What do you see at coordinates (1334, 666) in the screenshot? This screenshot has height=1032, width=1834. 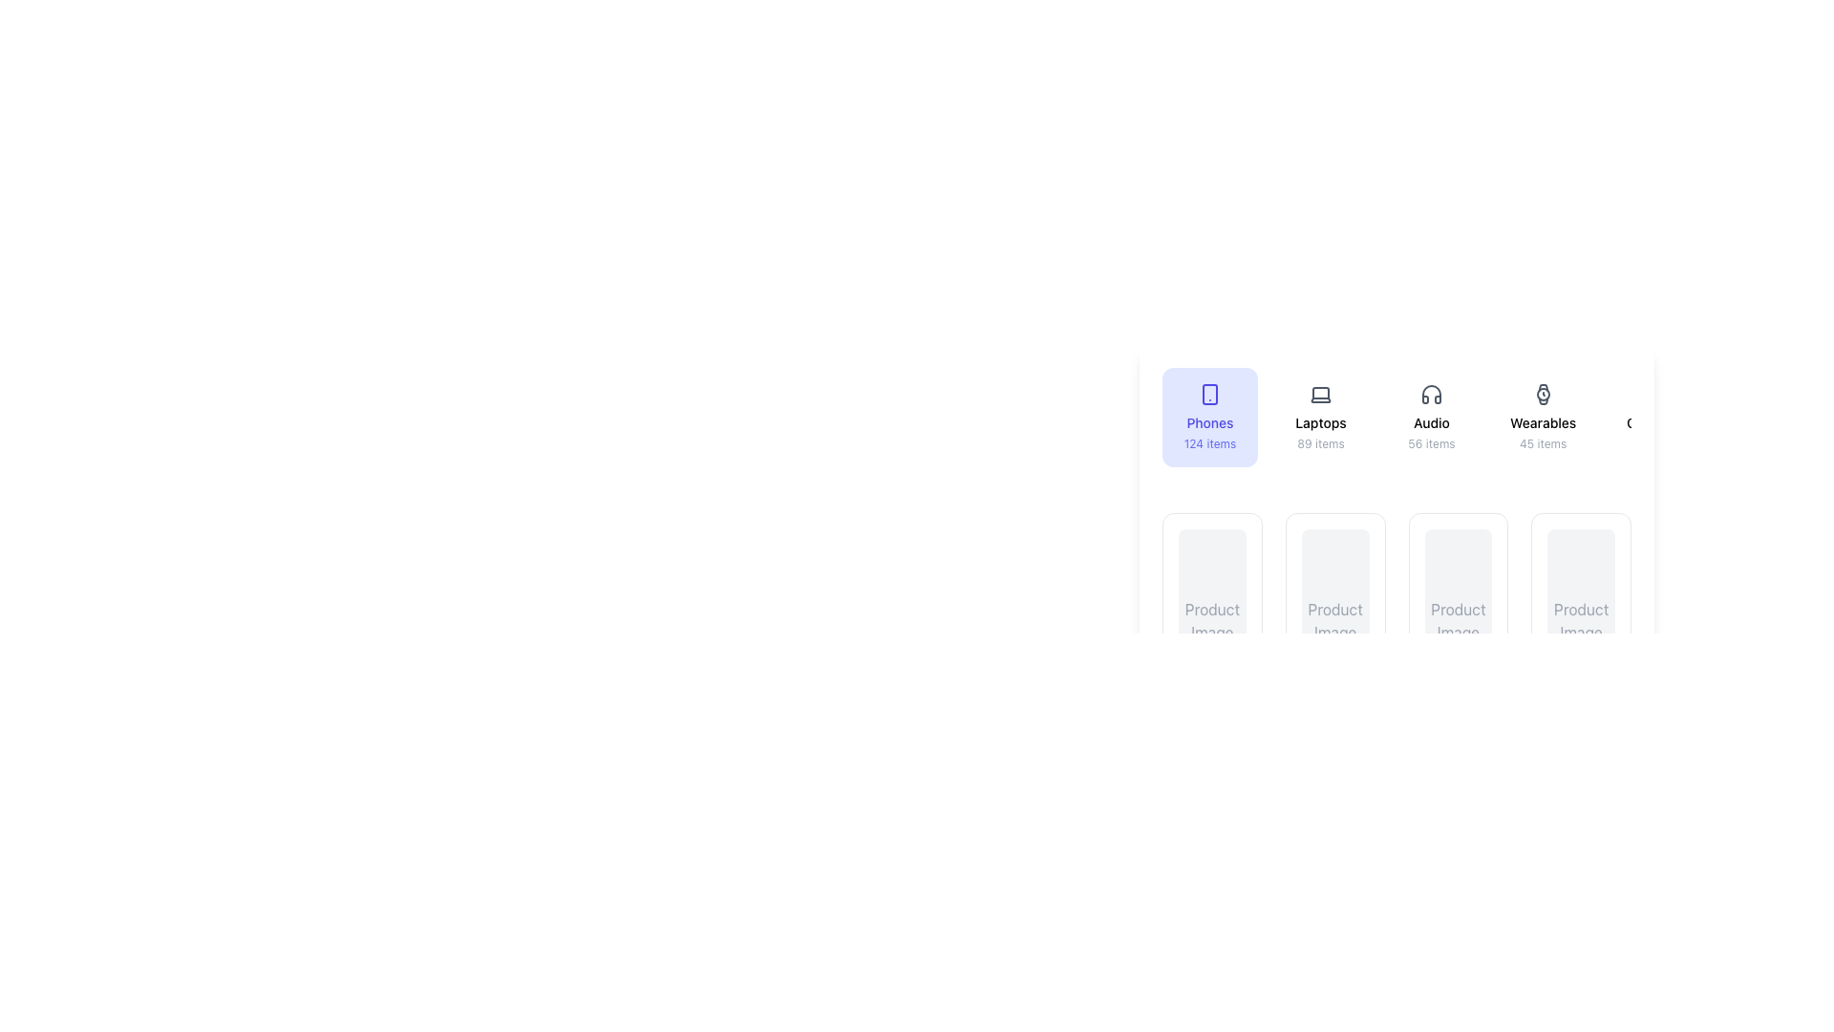 I see `the product card component which showcases product details such as image, title, price, and rating, located in the second column of a four-column grid` at bounding box center [1334, 666].